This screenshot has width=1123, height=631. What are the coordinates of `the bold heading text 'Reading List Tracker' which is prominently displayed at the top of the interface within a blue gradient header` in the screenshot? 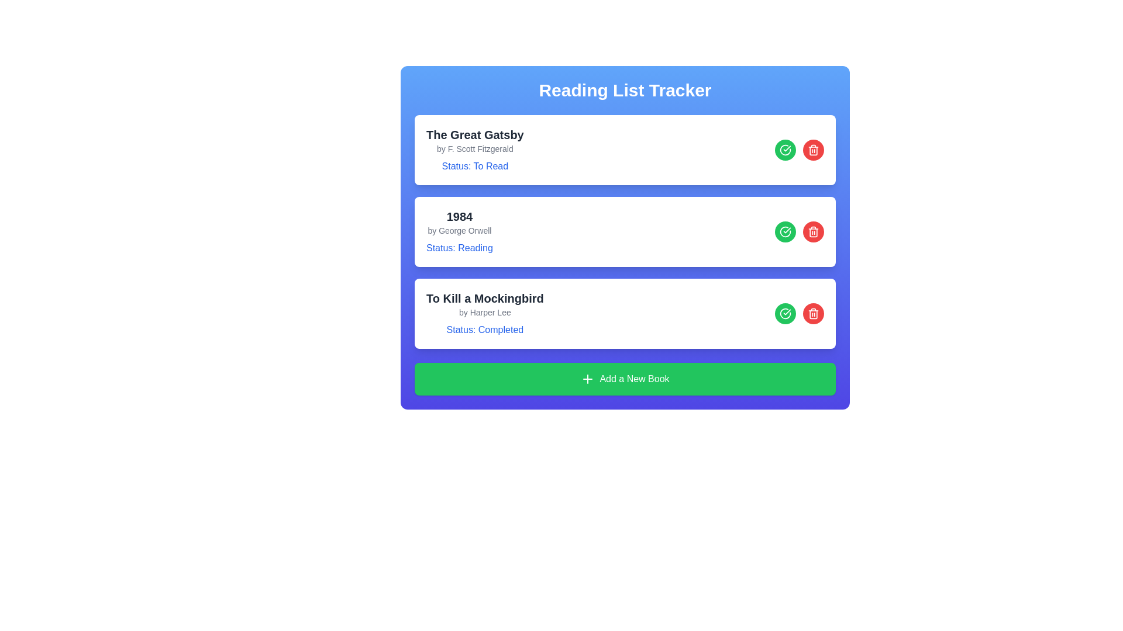 It's located at (625, 89).